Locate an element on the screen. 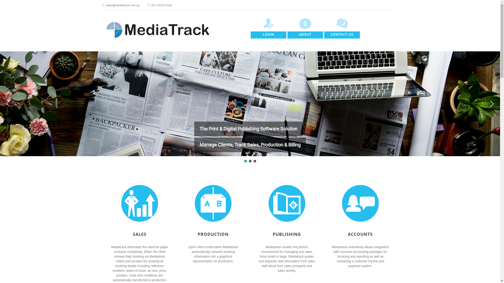 The height and width of the screenshot is (283, 504). 'sales@mediatrack.com.au' is located at coordinates (121, 5).